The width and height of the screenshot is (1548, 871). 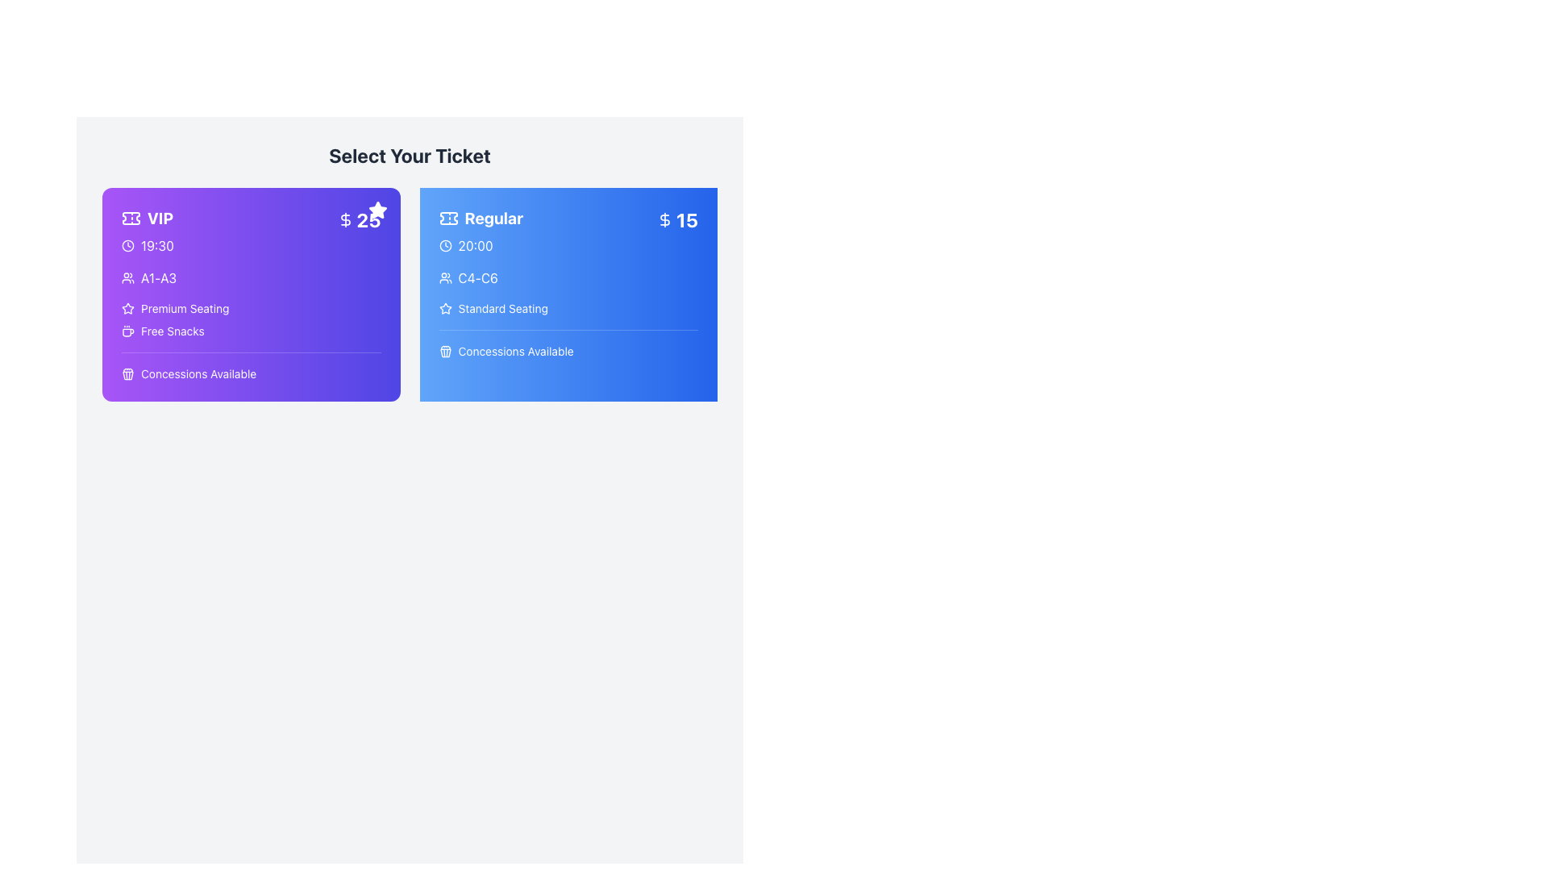 What do you see at coordinates (477, 277) in the screenshot?
I see `text content of the 'Regular' ticket seat information label located below the time (20:00) and above the 'Standard Seating' label, which is aligned next to a small graphical icon of a group of people` at bounding box center [477, 277].